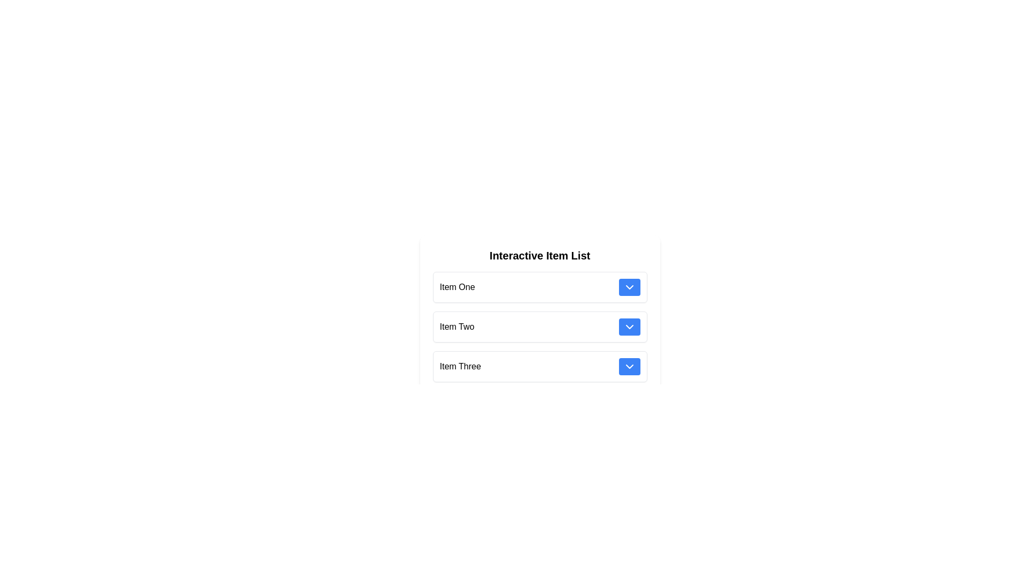 The image size is (1029, 579). What do you see at coordinates (629, 366) in the screenshot?
I see `the single chevron-down icon in the button for 'Item Three'` at bounding box center [629, 366].